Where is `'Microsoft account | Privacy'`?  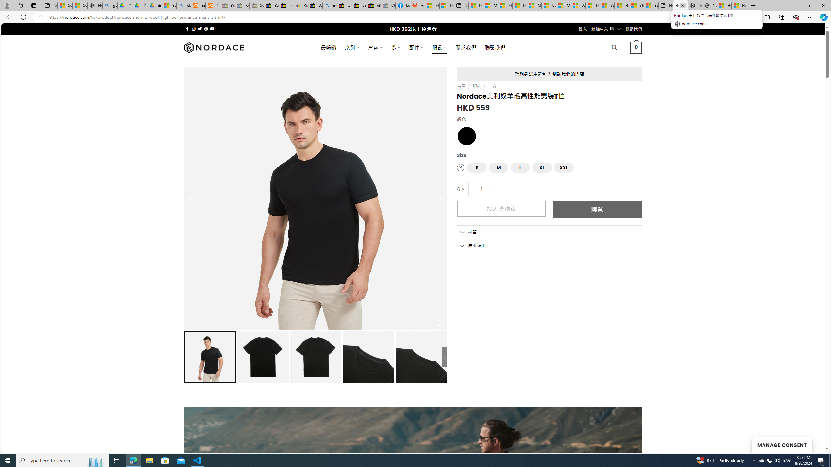 'Microsoft account | Privacy' is located at coordinates (490, 5).